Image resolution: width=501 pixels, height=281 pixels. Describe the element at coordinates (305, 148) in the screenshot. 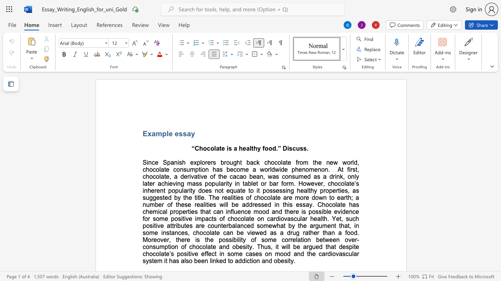

I see `the 4th character "s" in the text` at that location.